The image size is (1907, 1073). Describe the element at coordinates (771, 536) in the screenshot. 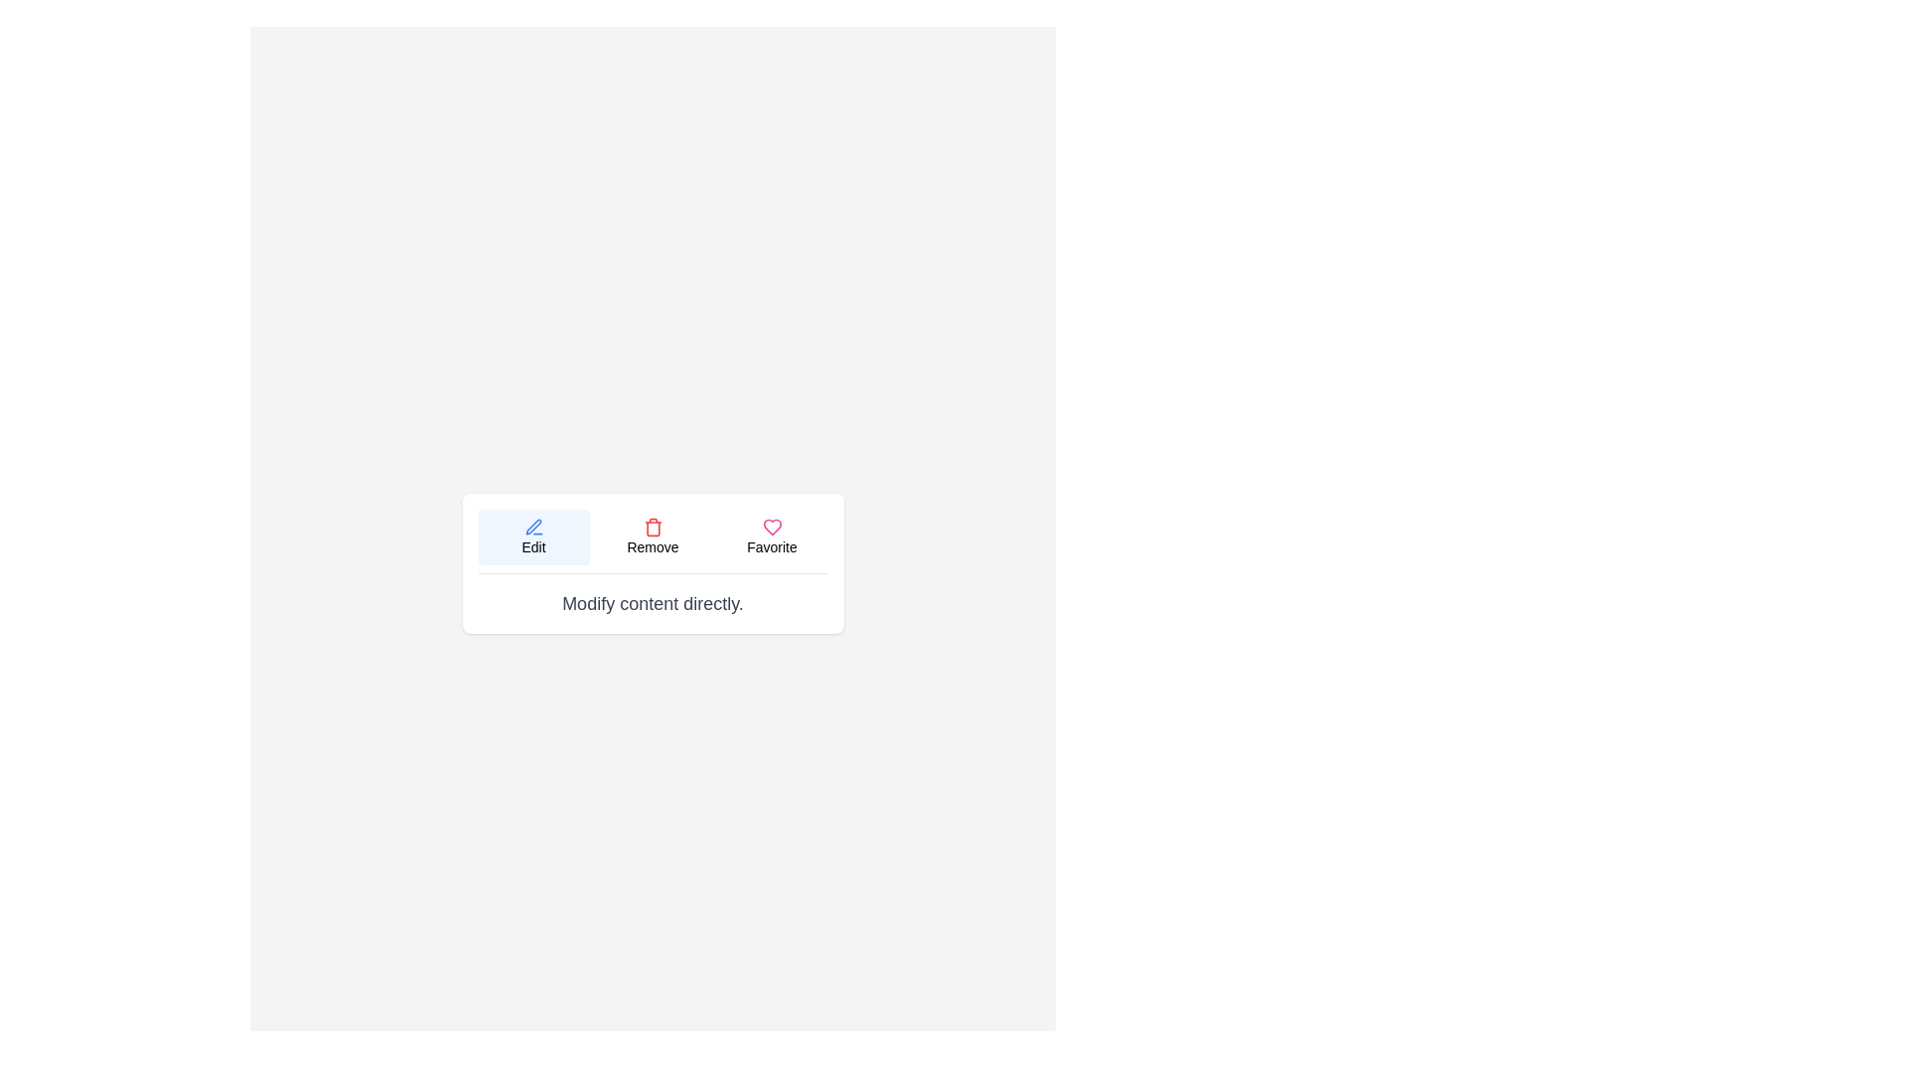

I see `the Favorite tab to select it` at that location.